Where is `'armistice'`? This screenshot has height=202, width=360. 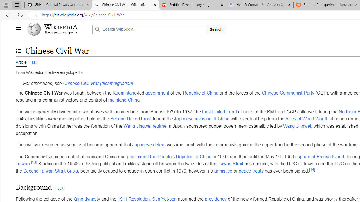
'armistice' is located at coordinates (223, 170).